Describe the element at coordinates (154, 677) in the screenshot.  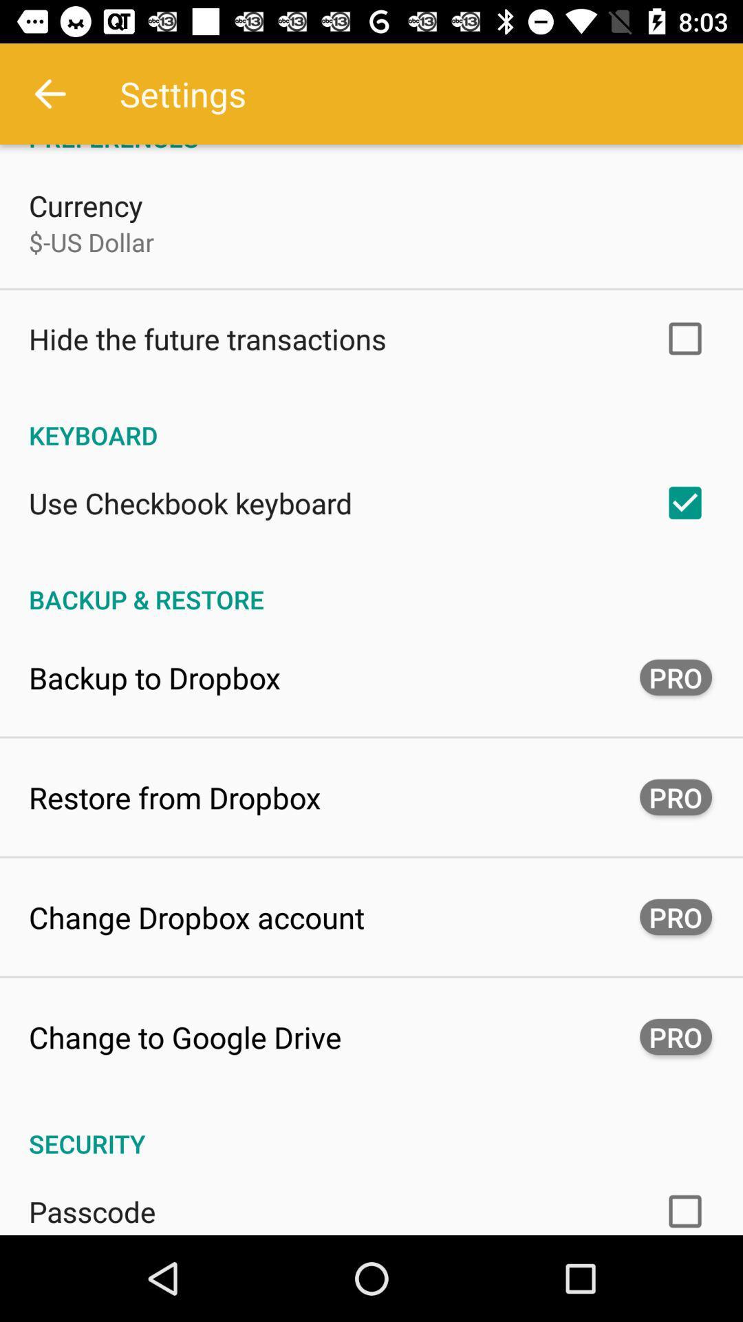
I see `the backup to dropbox app` at that location.